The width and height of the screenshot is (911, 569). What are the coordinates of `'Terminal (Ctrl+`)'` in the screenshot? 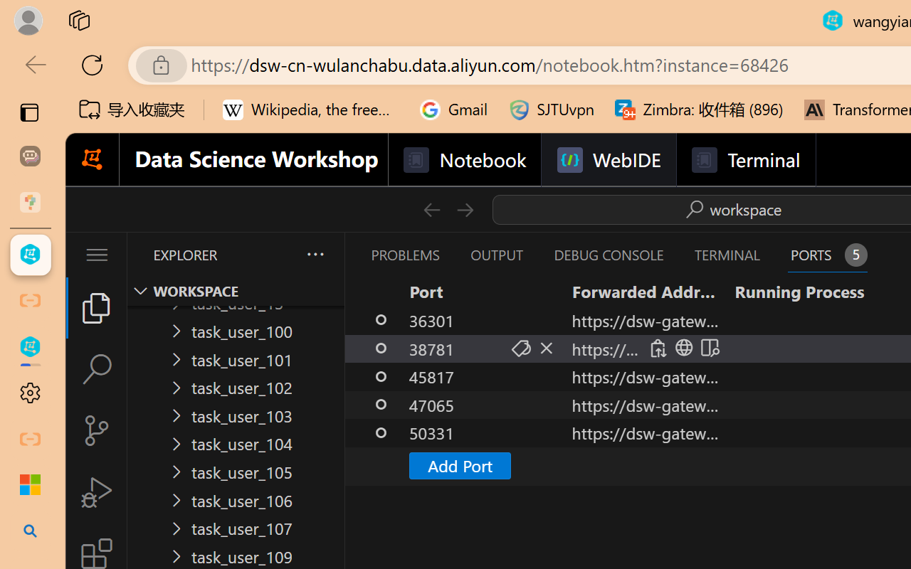 It's located at (727, 255).